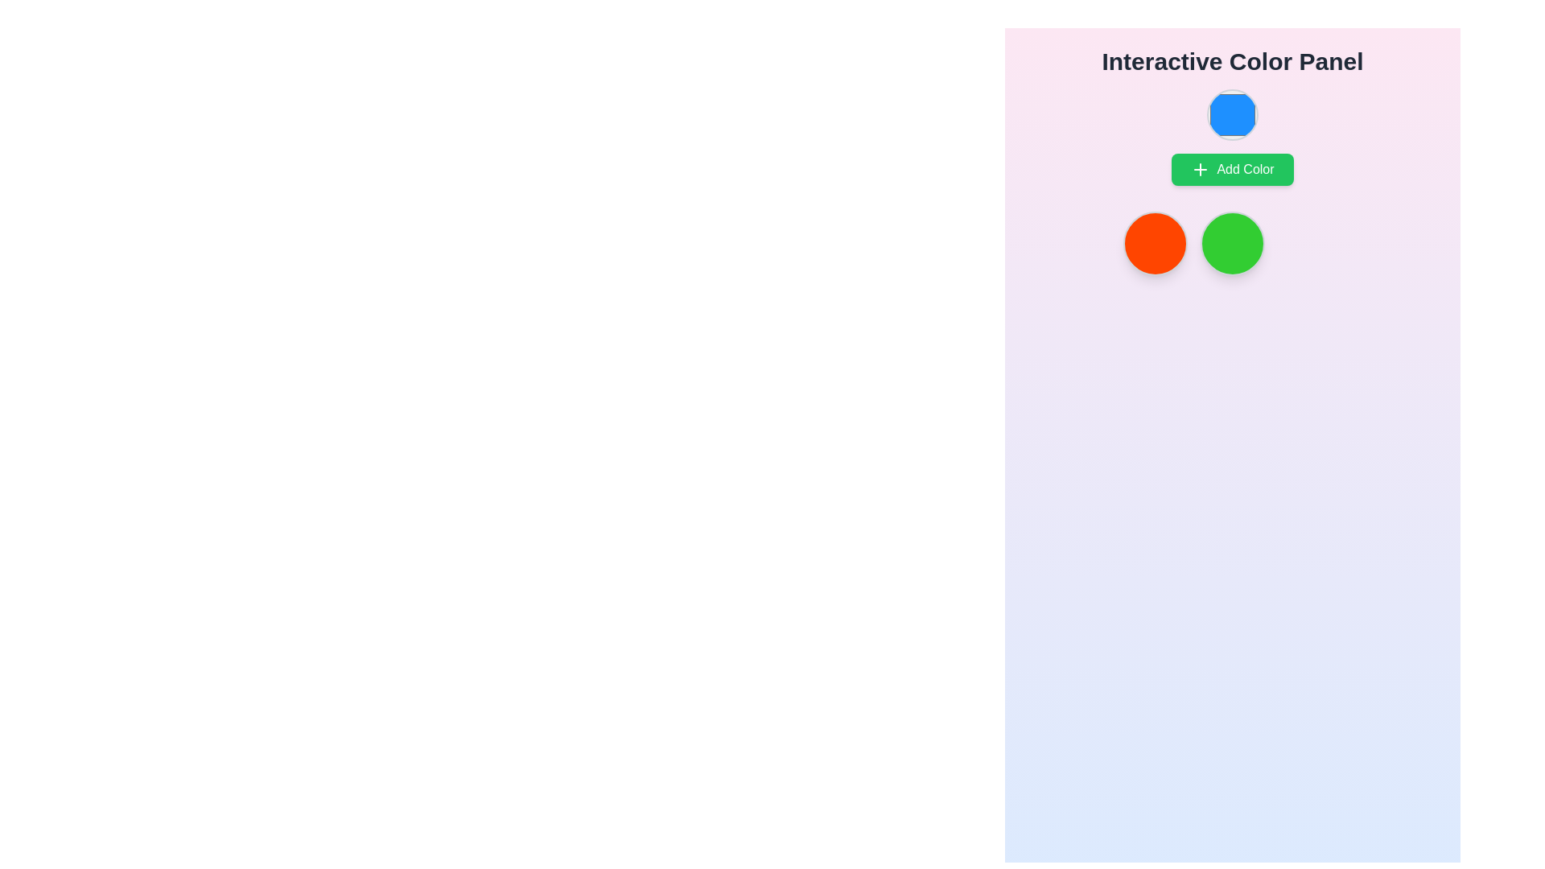 This screenshot has height=869, width=1545. Describe the element at coordinates (1201, 170) in the screenshot. I see `the area surrounding the 'Add Color' button, which contains the small icon resembling a cross, to interact indirectly with the icon` at that location.